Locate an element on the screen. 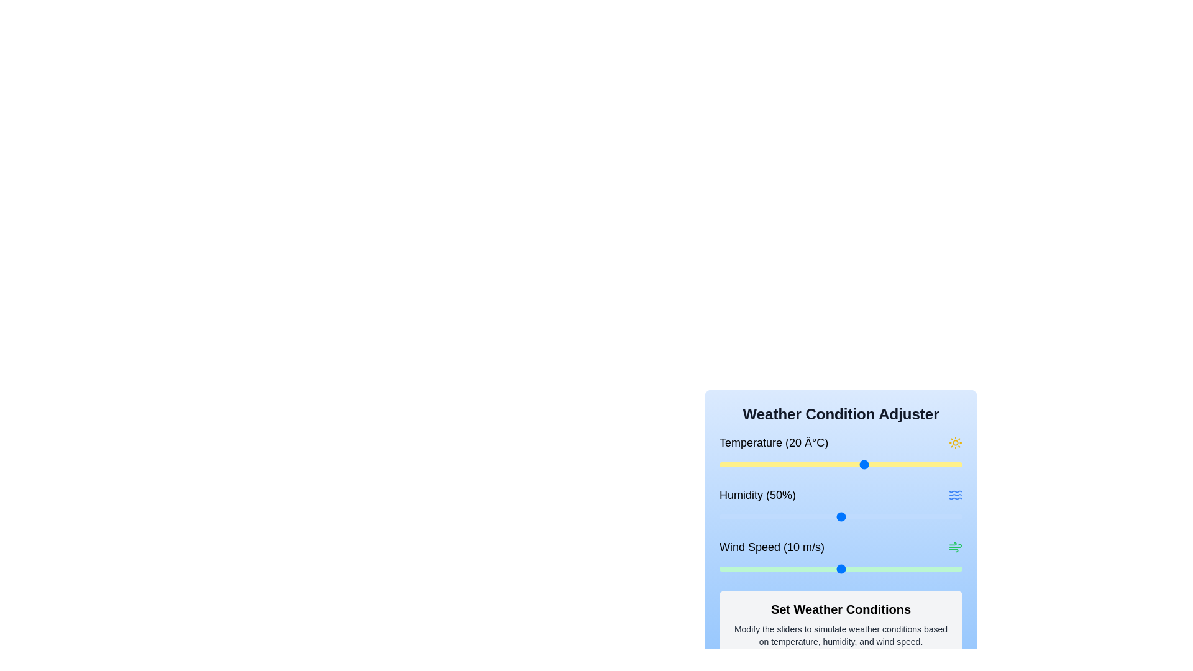 The height and width of the screenshot is (671, 1193). the temperature slider to set the temperature to 0 degrees Celsius is located at coordinates (767, 465).